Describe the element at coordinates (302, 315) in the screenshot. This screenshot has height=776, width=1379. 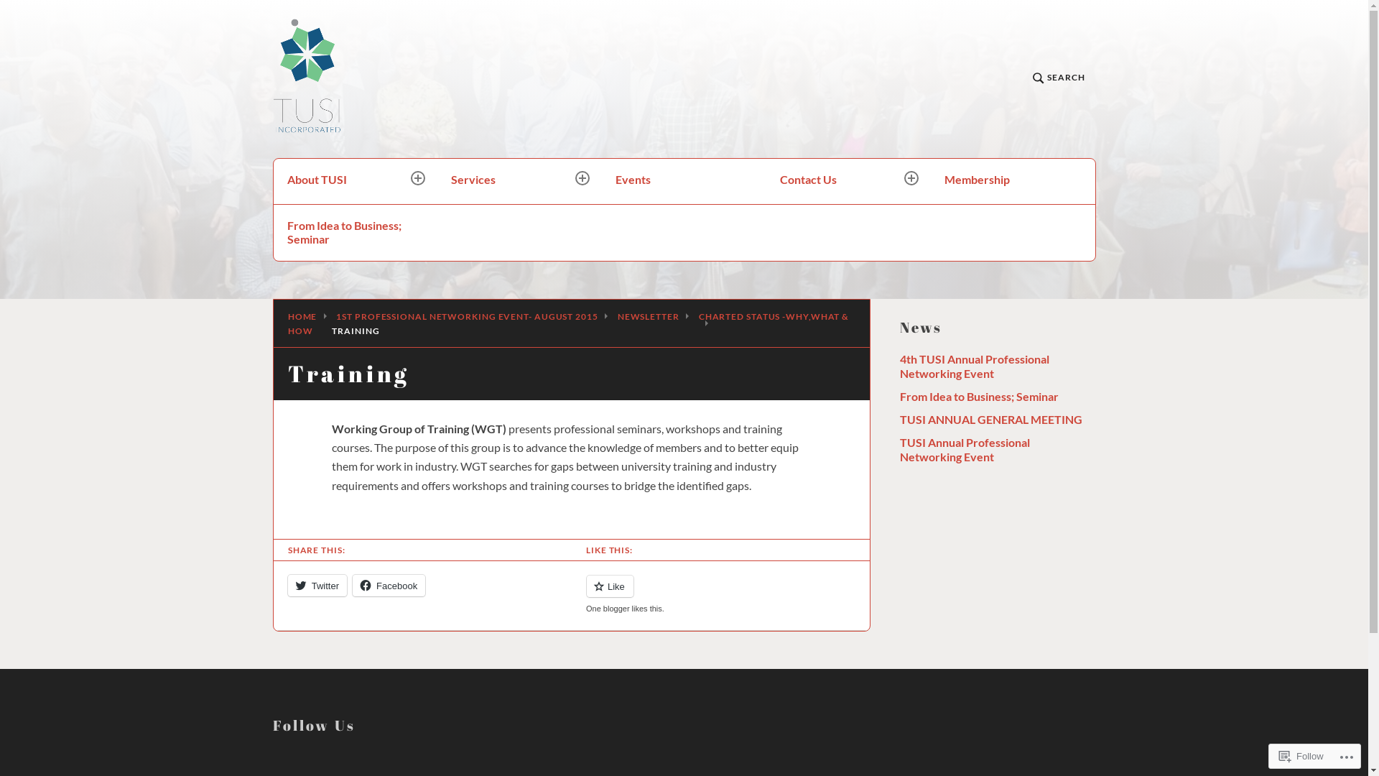
I see `'HOME'` at that location.